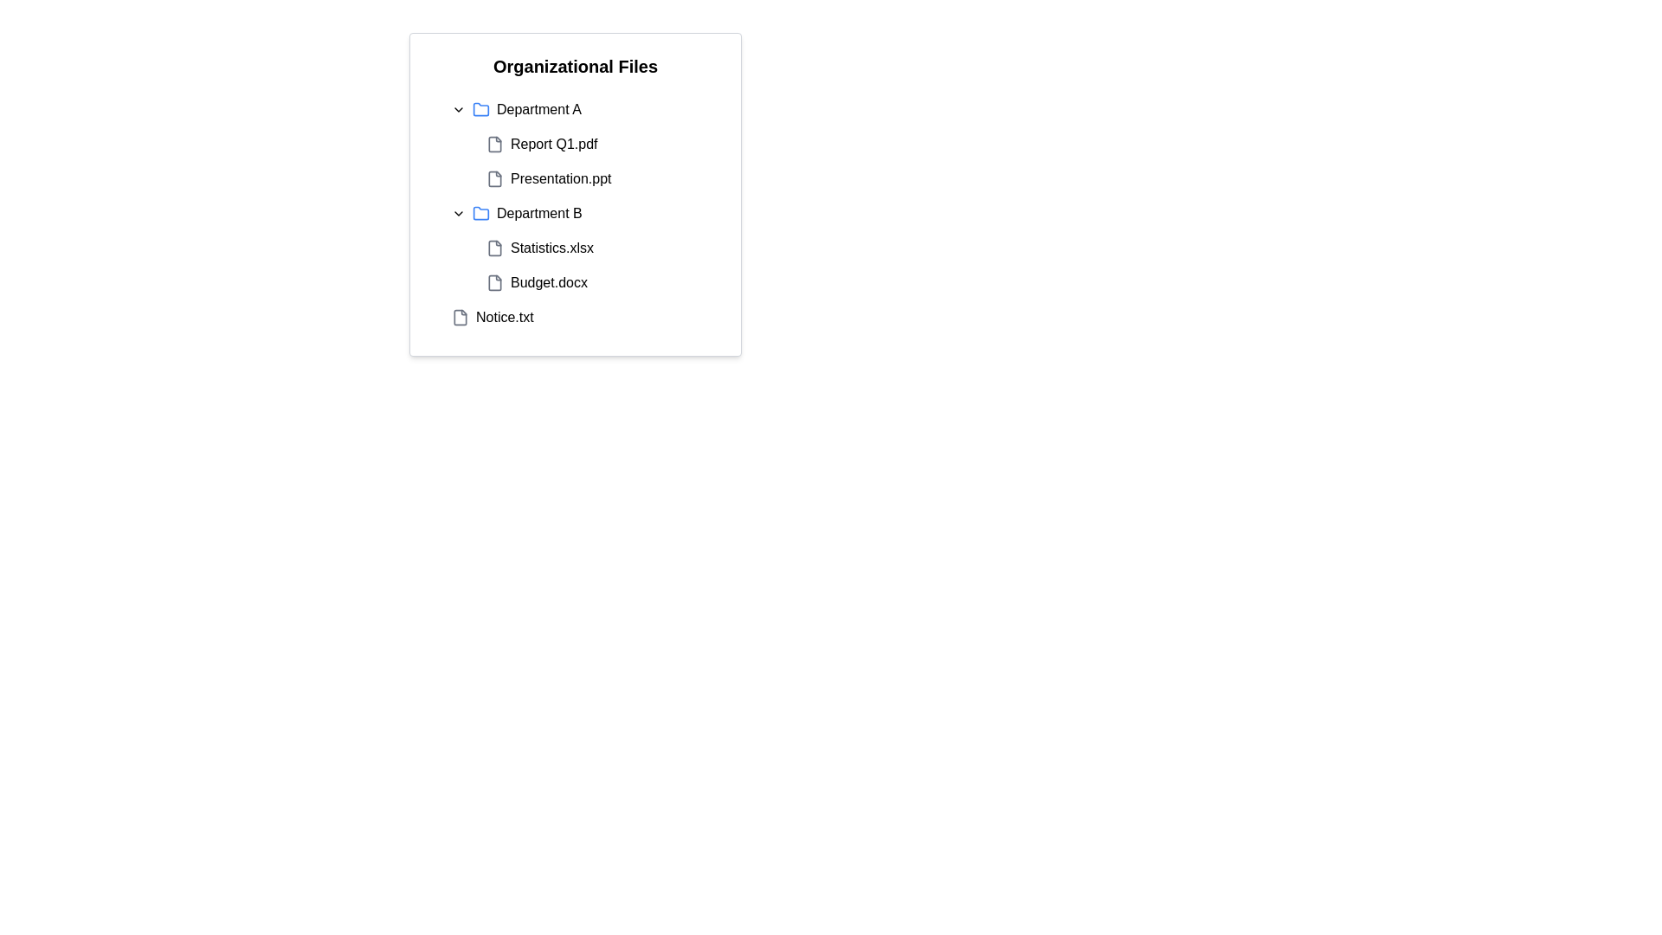 The image size is (1662, 935). What do you see at coordinates (551, 248) in the screenshot?
I see `the text label displaying 'Statistics.xlsx' located in the second subsection labeled 'Department B'` at bounding box center [551, 248].